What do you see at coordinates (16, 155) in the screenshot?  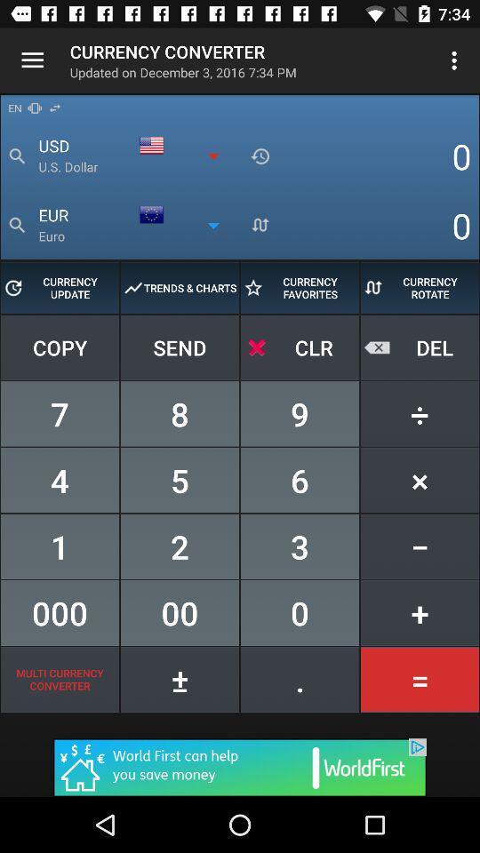 I see `the search icon` at bounding box center [16, 155].